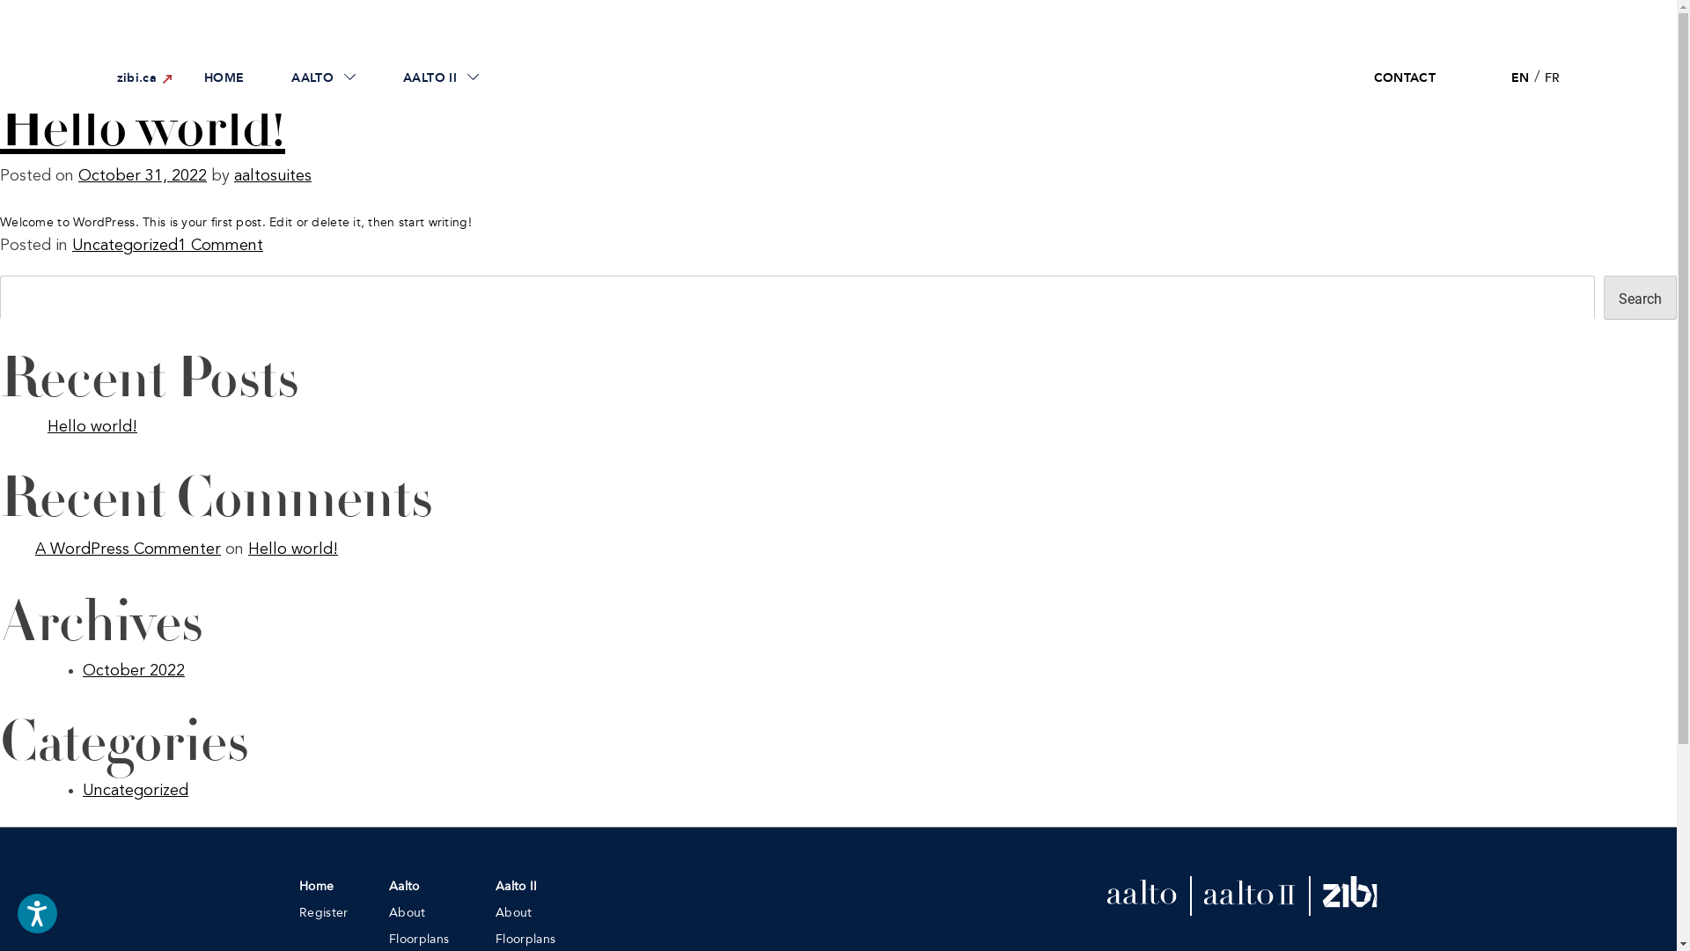  What do you see at coordinates (387, 886) in the screenshot?
I see `'Aalto'` at bounding box center [387, 886].